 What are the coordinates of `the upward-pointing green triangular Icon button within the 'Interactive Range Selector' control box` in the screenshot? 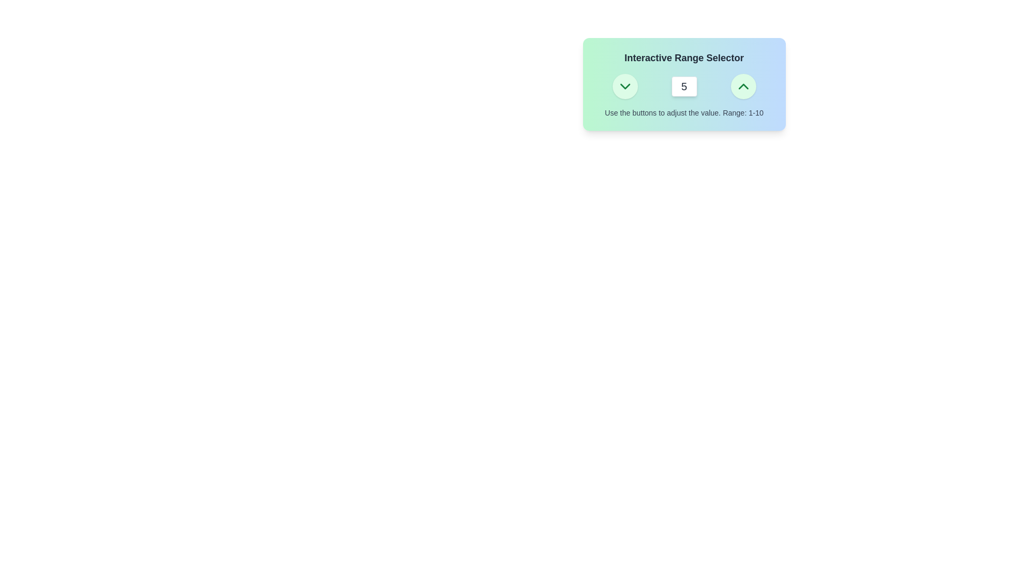 It's located at (743, 86).